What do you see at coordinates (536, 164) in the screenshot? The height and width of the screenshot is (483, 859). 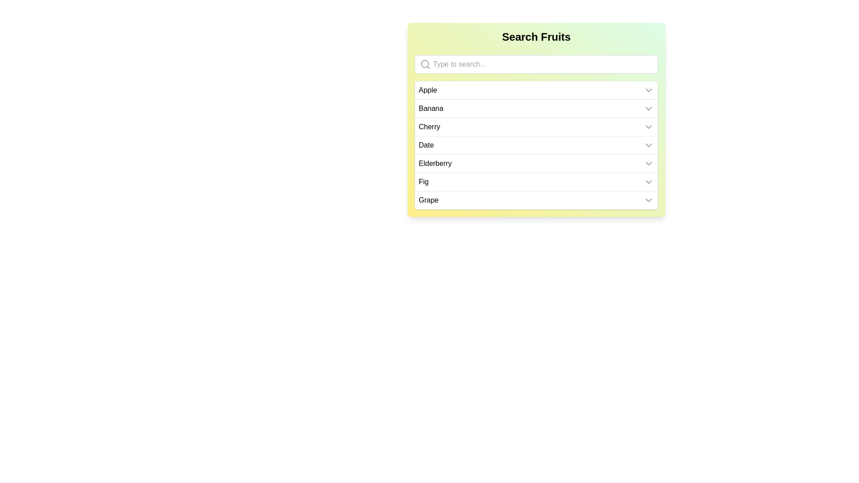 I see `the fifth row in the 'Search Fruits' list, which represents the 'Elderberry' option` at bounding box center [536, 164].